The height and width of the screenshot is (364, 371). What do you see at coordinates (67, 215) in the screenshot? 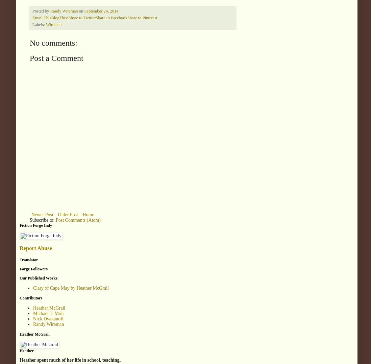
I see `'Older Post'` at bounding box center [67, 215].